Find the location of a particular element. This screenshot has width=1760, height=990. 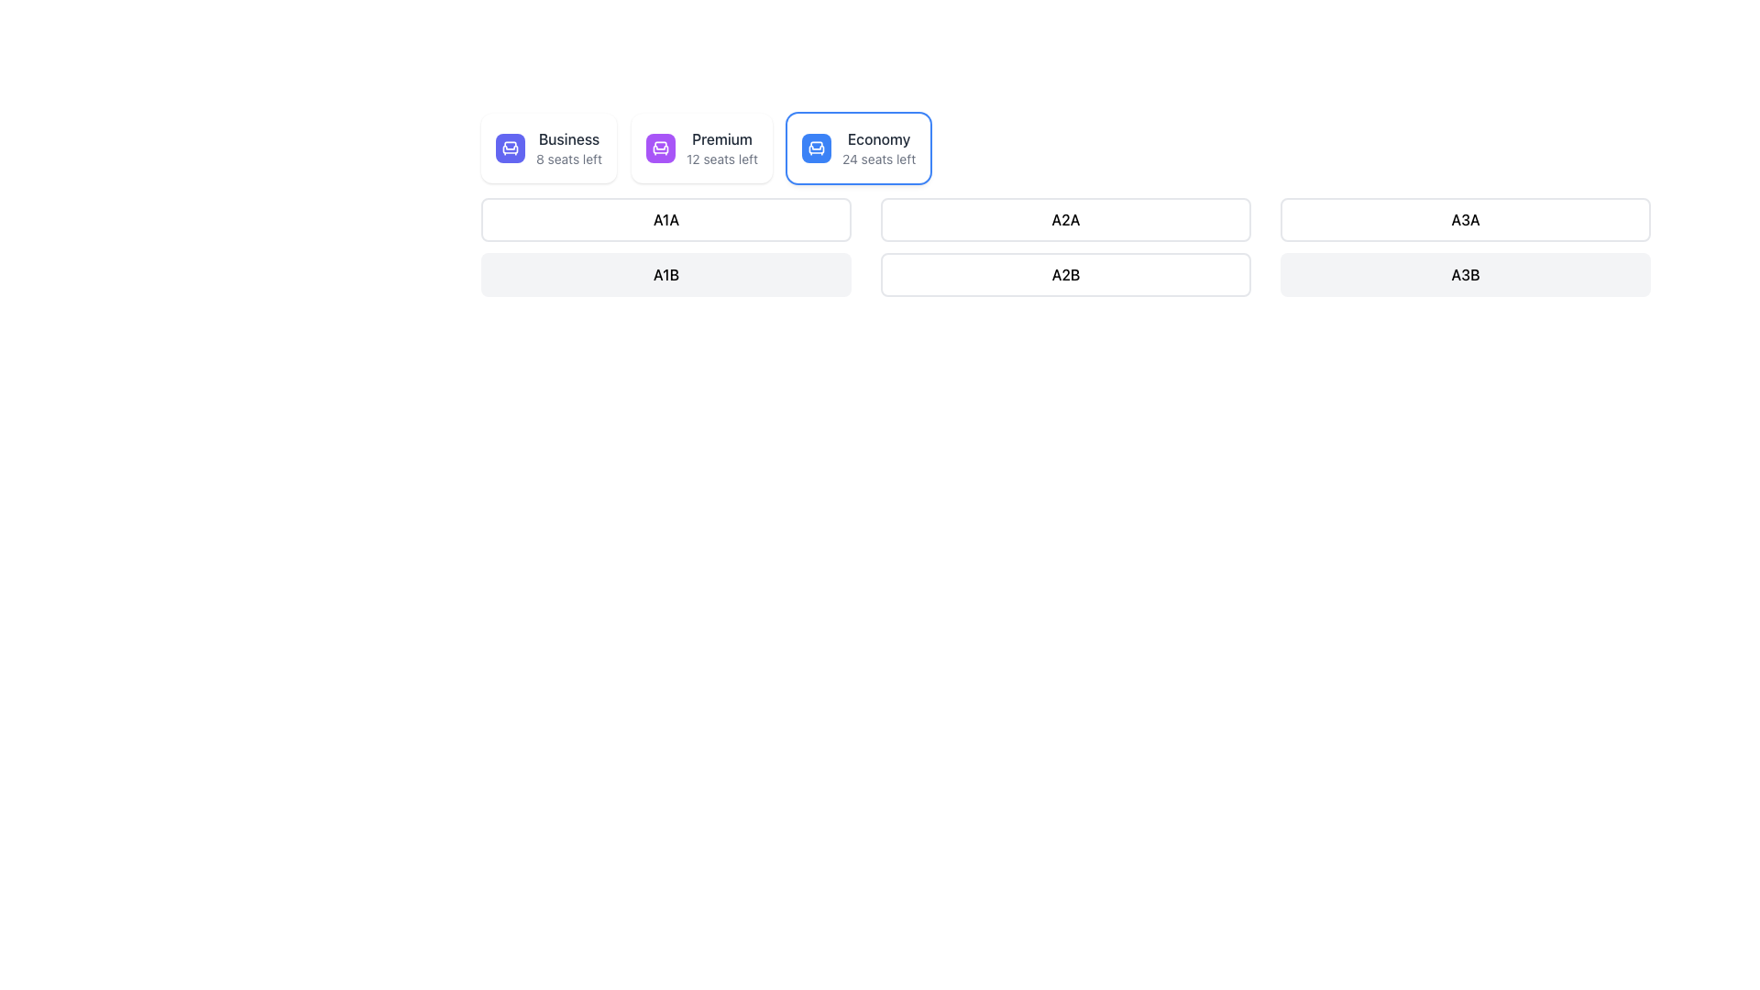

the Text label that indicates a seat or section identifier in the Economy section, located in the second column of the second row, above 'A2B' and to the left of 'A3A' is located at coordinates (1065, 218).